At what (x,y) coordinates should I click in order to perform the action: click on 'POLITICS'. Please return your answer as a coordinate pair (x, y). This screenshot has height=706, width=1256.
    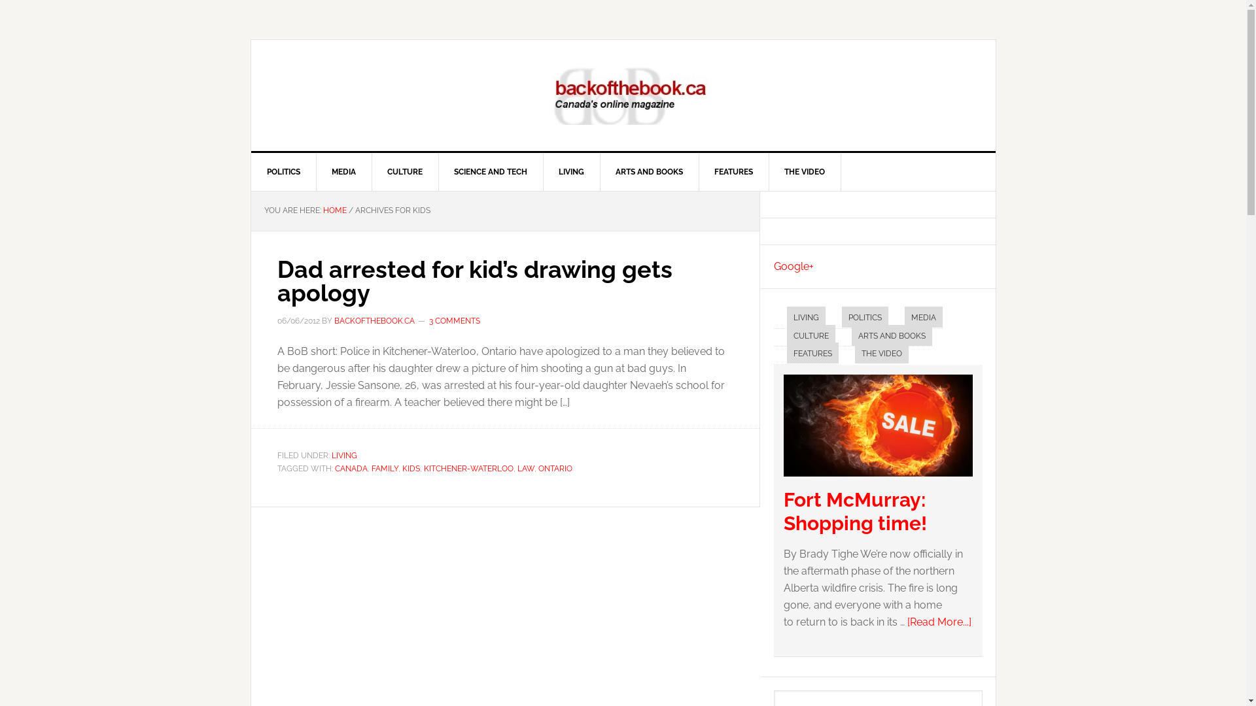
    Looking at the image, I should click on (283, 171).